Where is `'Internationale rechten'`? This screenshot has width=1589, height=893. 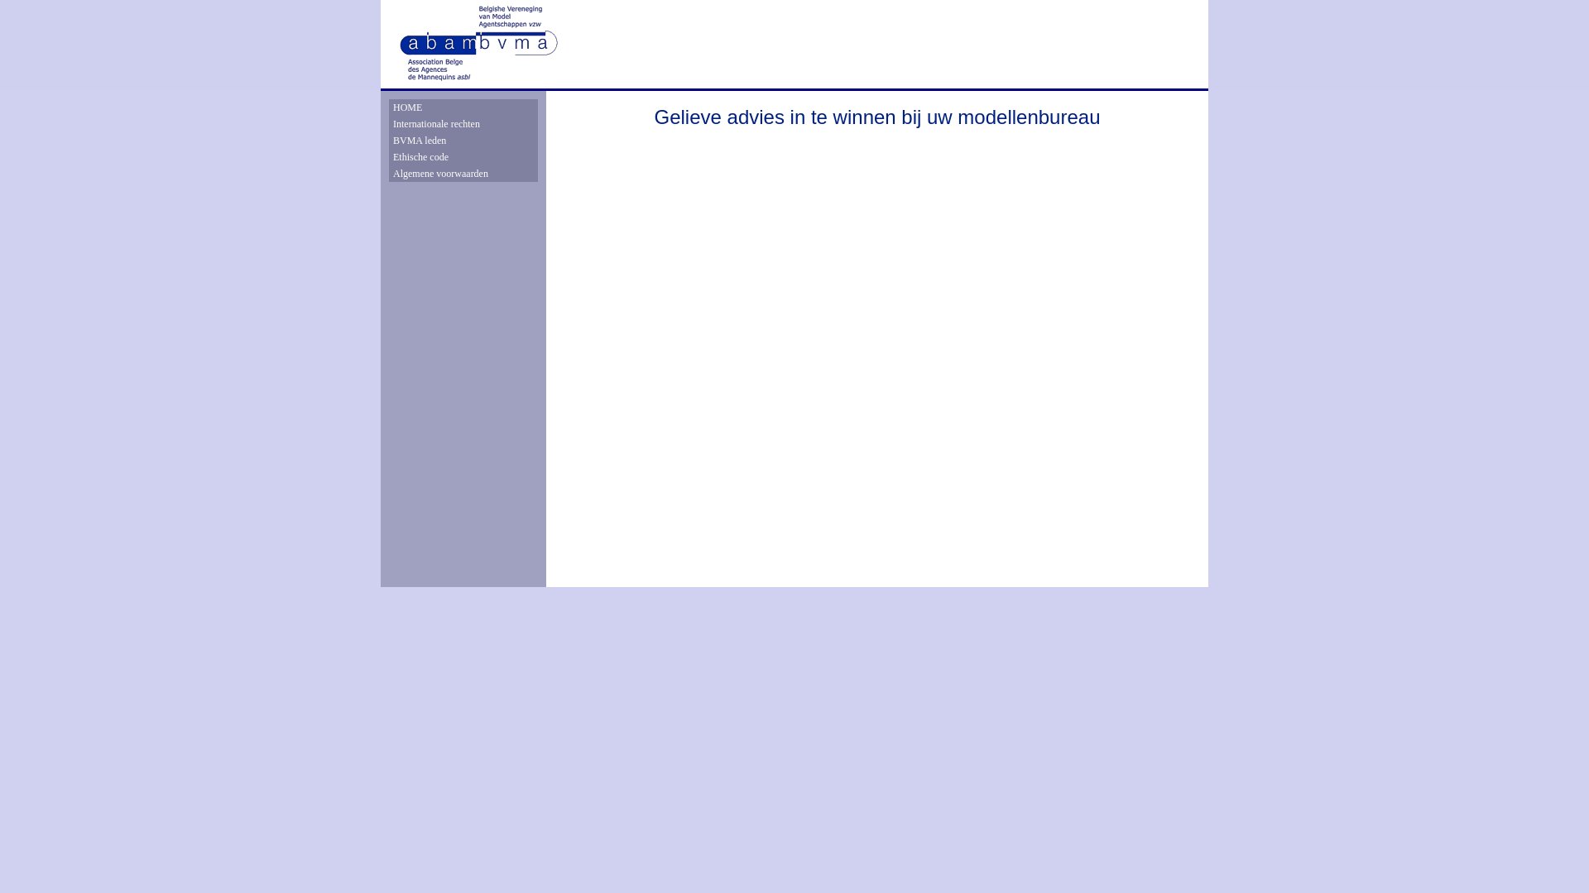 'Internationale rechten' is located at coordinates (392, 123).